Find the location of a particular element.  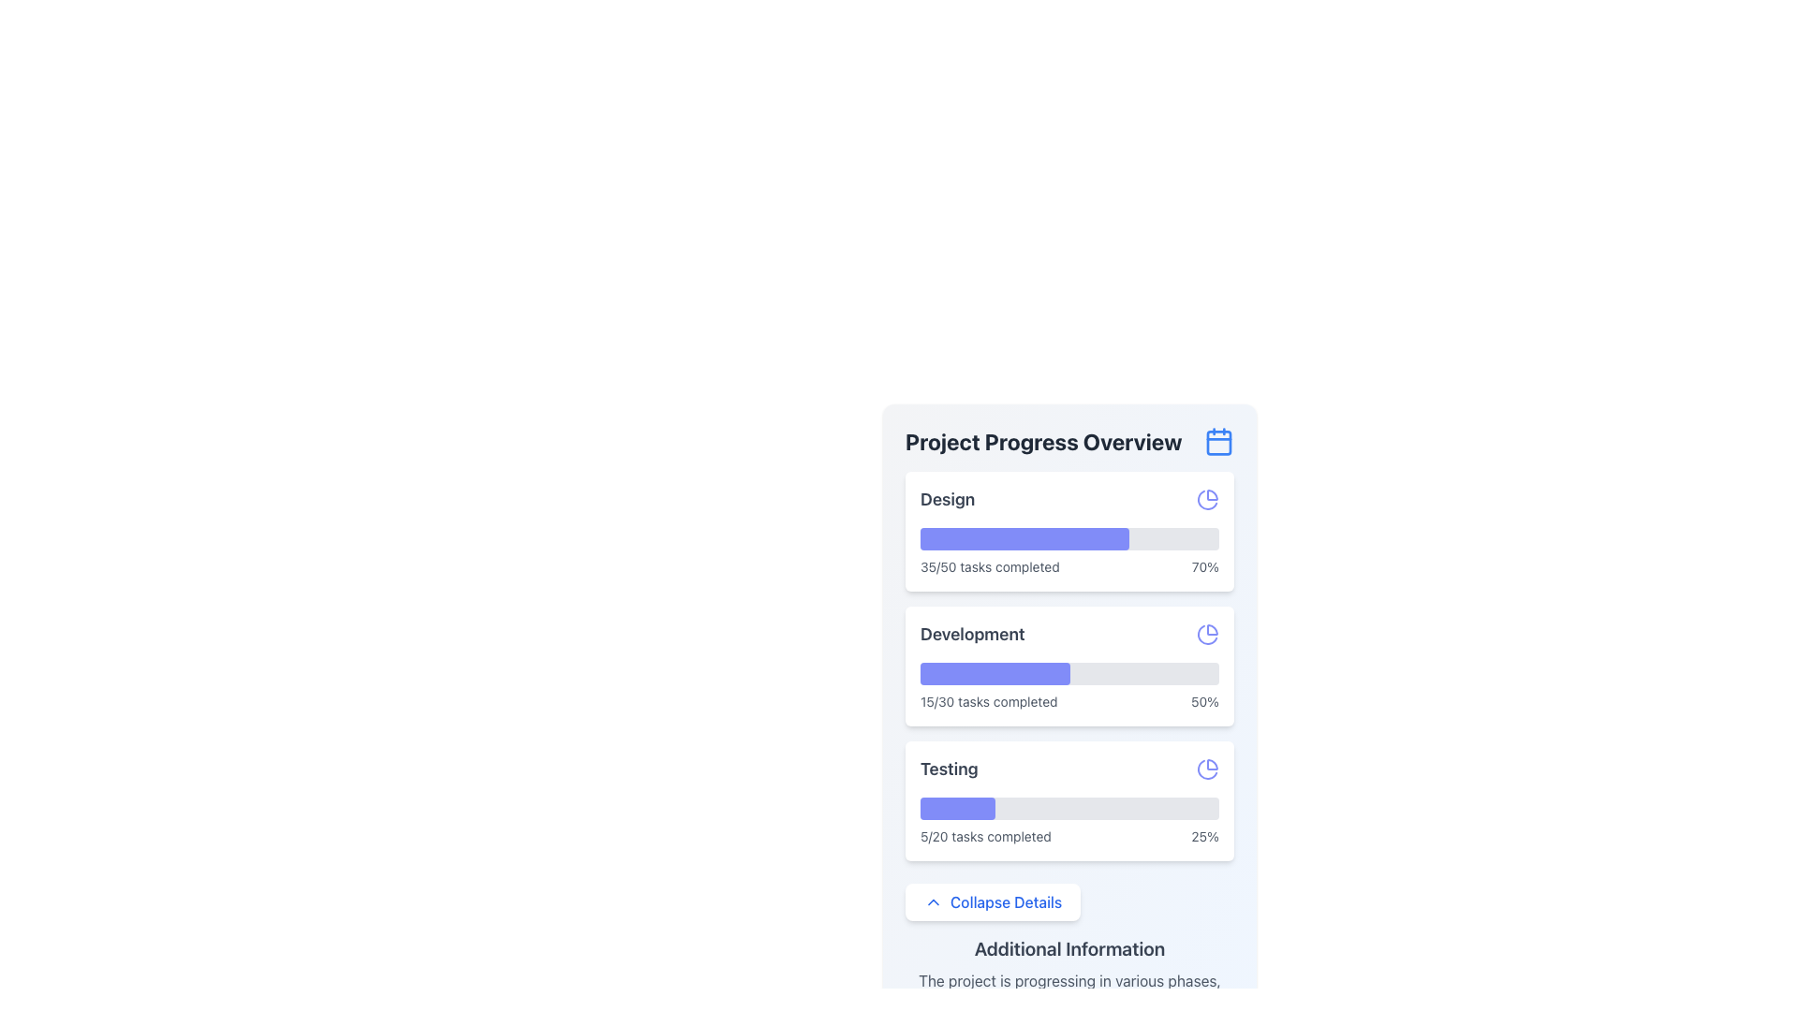

the progress bar indicating 70% completion located beneath the title 'Design' in the 'Project Progress Overview' component is located at coordinates (1069, 538).